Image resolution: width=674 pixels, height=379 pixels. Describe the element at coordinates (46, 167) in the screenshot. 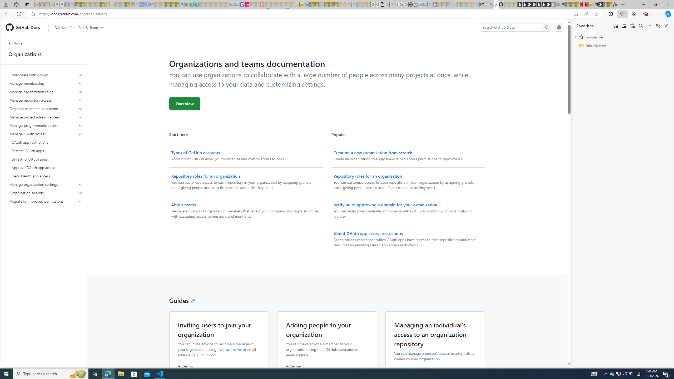

I see `'Approve OAuth app access'` at that location.